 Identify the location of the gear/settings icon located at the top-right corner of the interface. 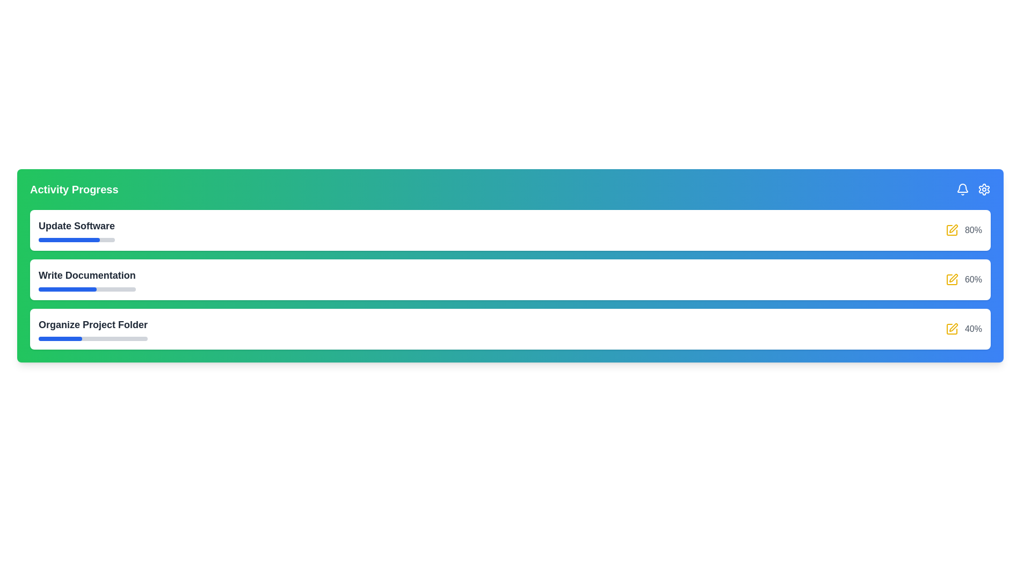
(984, 189).